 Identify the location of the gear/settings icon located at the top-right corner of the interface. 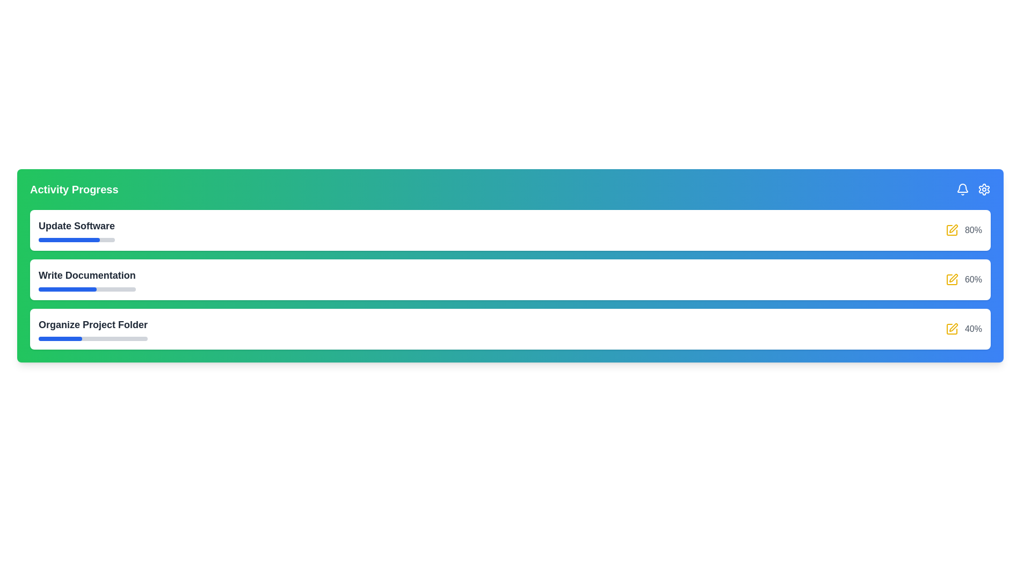
(984, 189).